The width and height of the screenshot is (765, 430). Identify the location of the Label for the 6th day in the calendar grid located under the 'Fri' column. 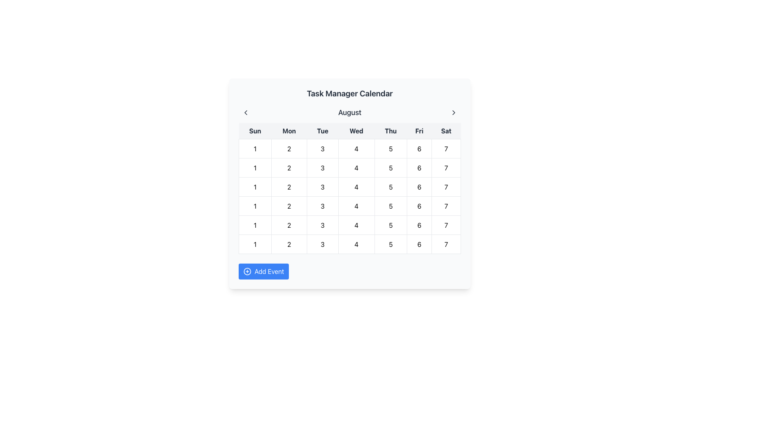
(419, 225).